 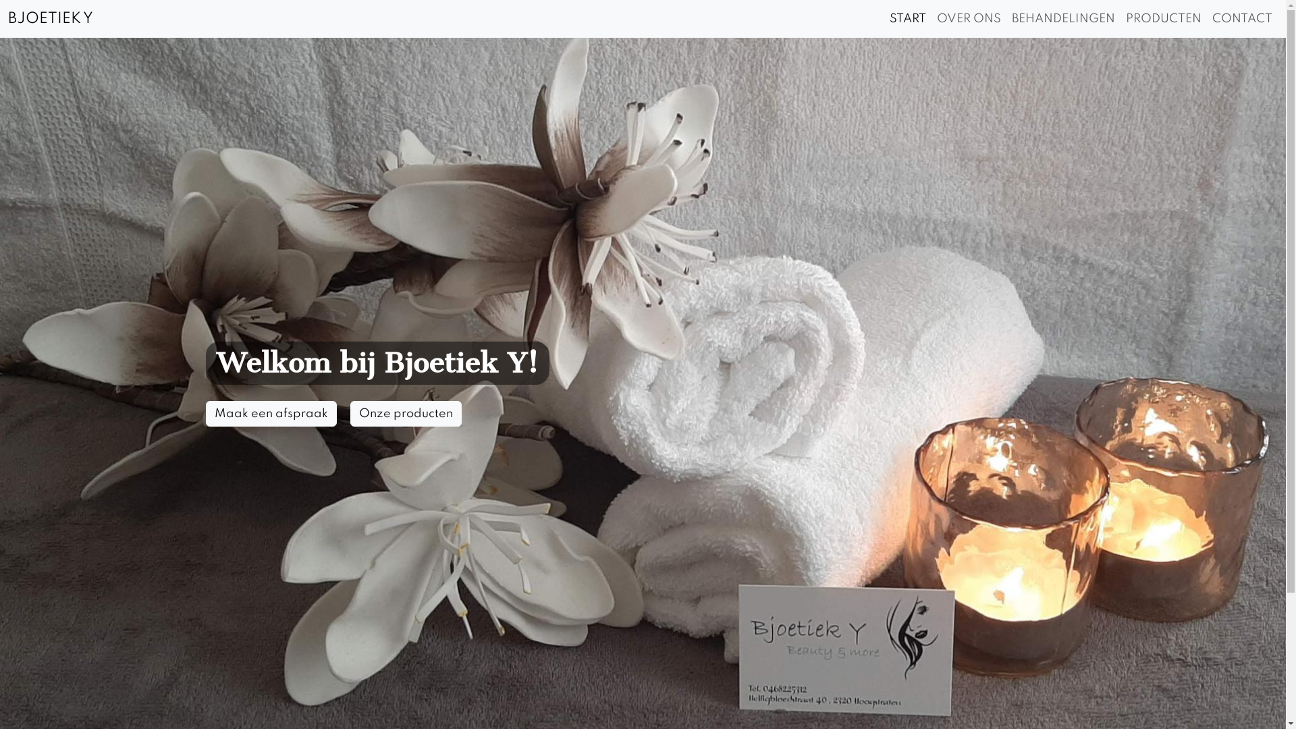 I want to click on 'Onze producten', so click(x=350, y=413).